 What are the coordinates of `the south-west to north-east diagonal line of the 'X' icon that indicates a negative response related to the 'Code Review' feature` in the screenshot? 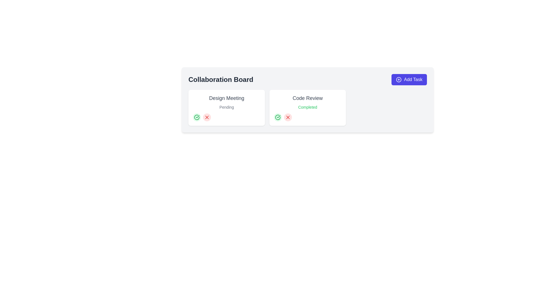 It's located at (288, 117).